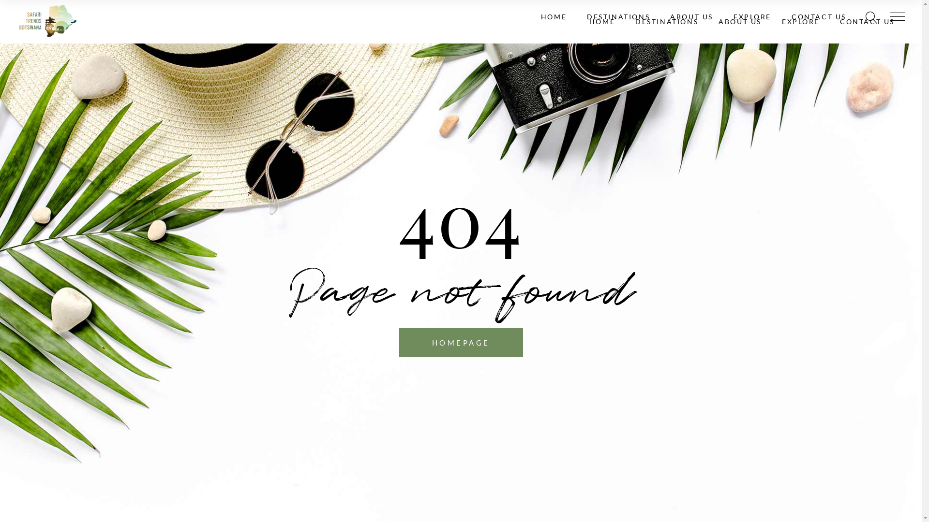  Describe the element at coordinates (460, 342) in the screenshot. I see `'HOMEPAGE'` at that location.